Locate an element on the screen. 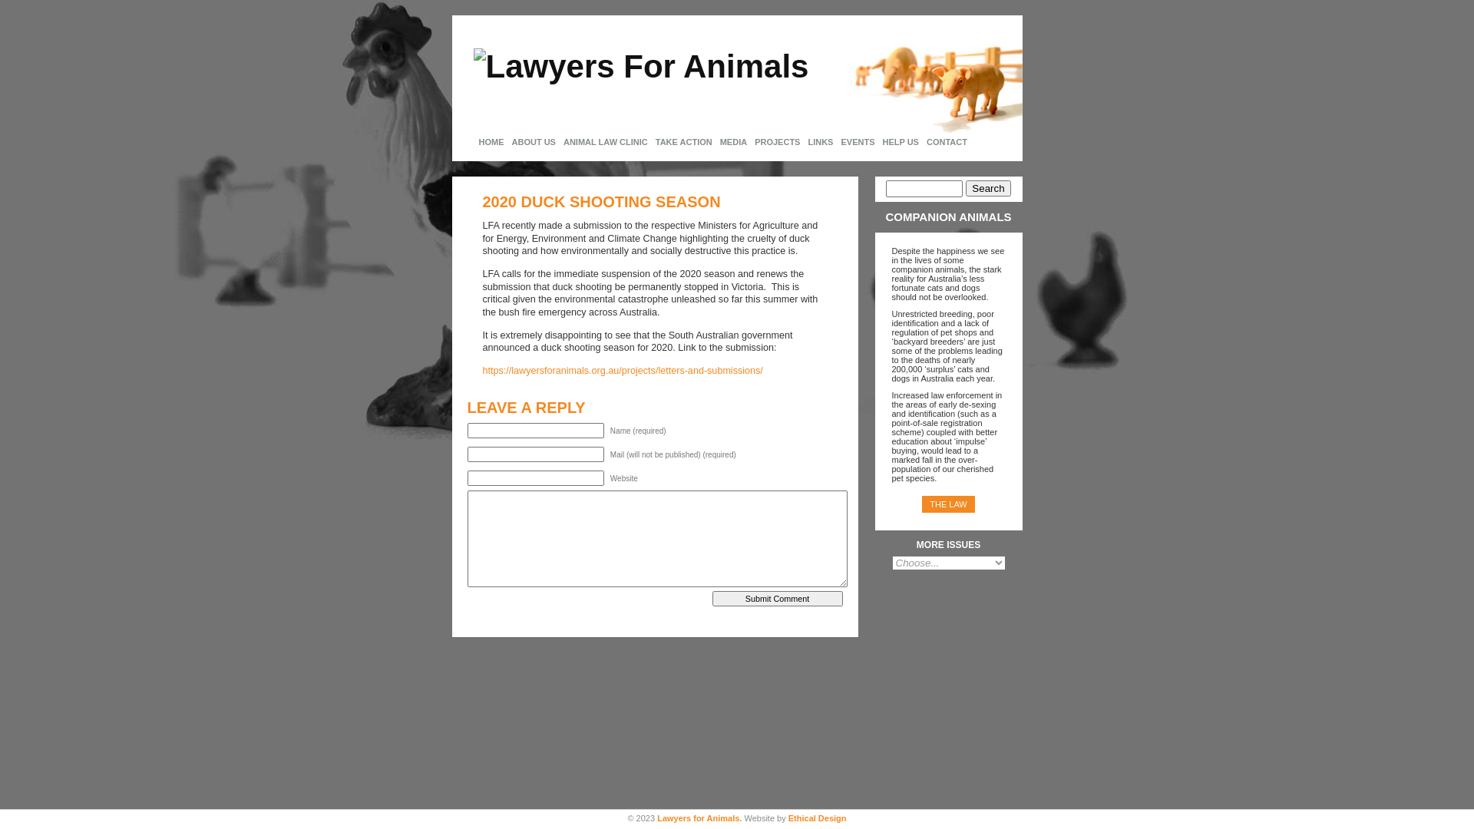  'Ethical Design' is located at coordinates (817, 817).